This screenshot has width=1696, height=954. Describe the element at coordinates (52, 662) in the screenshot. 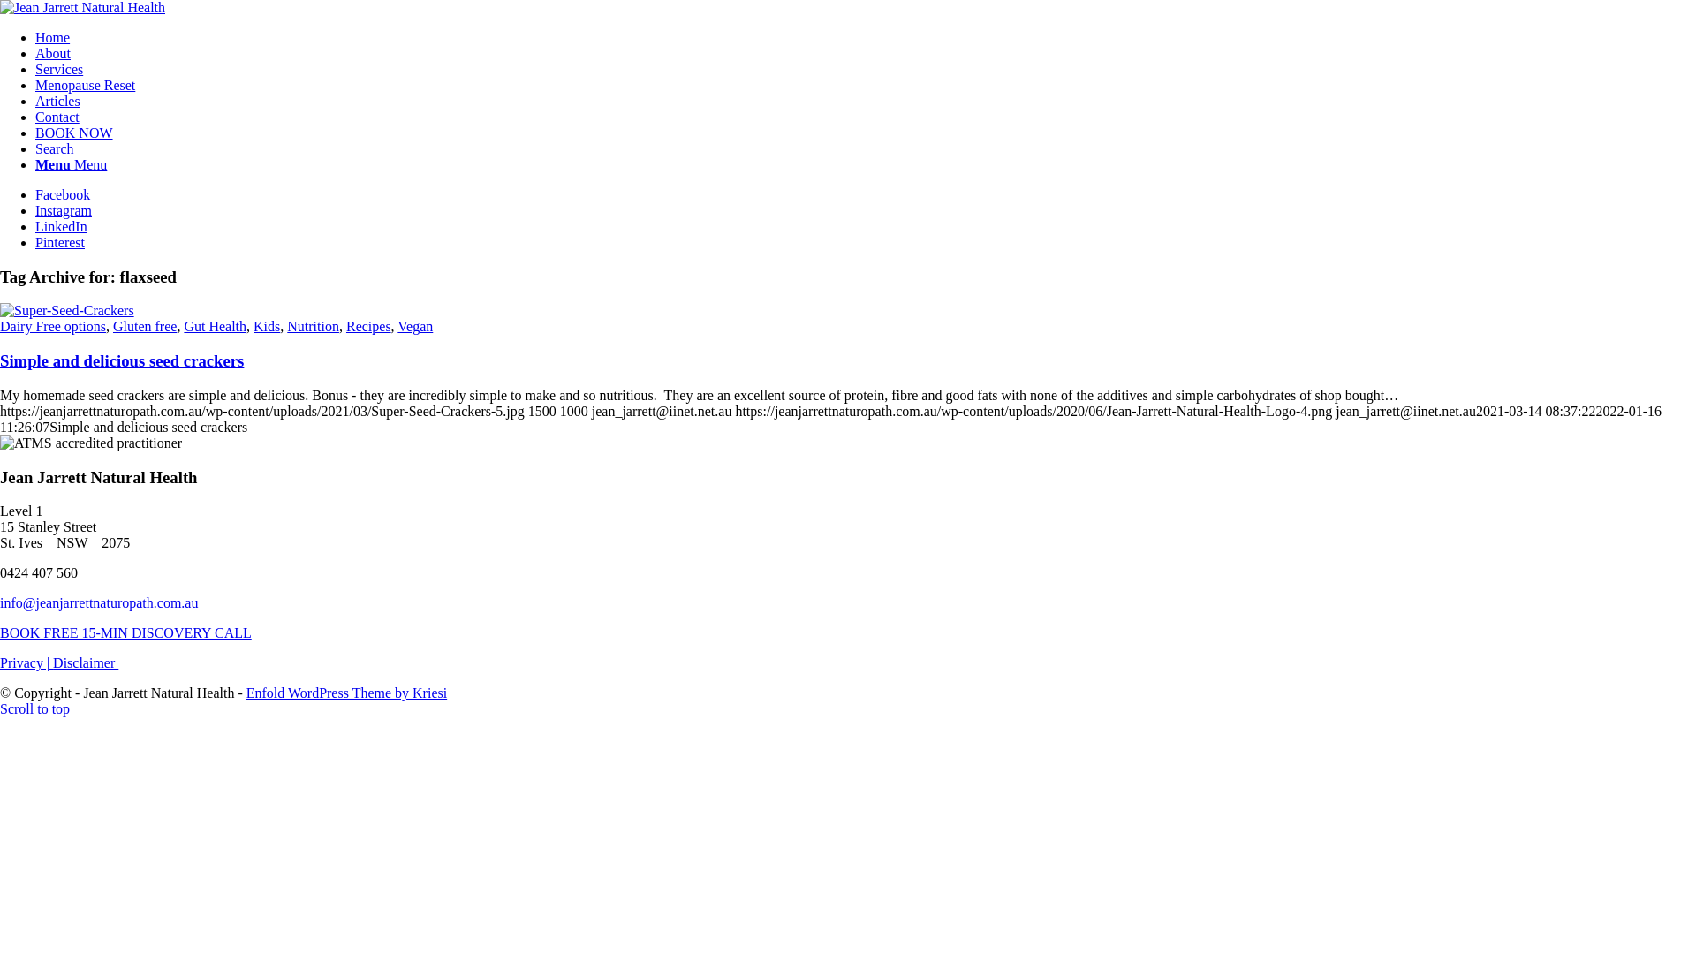

I see `'Disclaimer '` at that location.